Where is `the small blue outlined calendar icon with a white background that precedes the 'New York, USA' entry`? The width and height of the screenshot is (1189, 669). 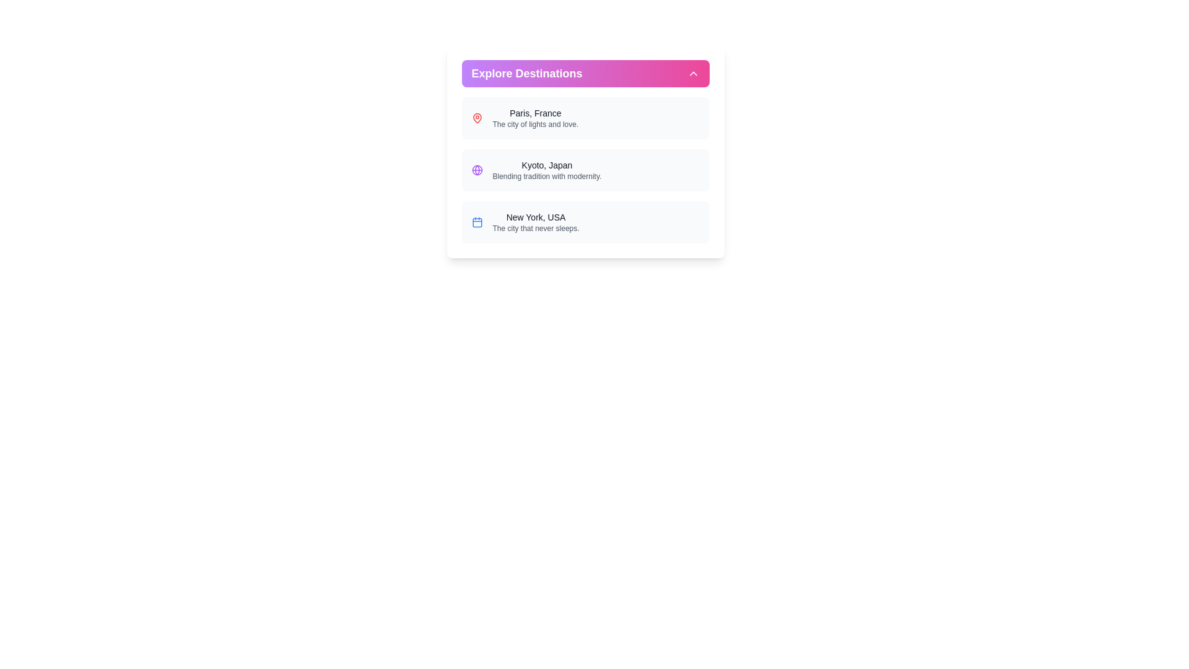 the small blue outlined calendar icon with a white background that precedes the 'New York, USA' entry is located at coordinates (476, 221).